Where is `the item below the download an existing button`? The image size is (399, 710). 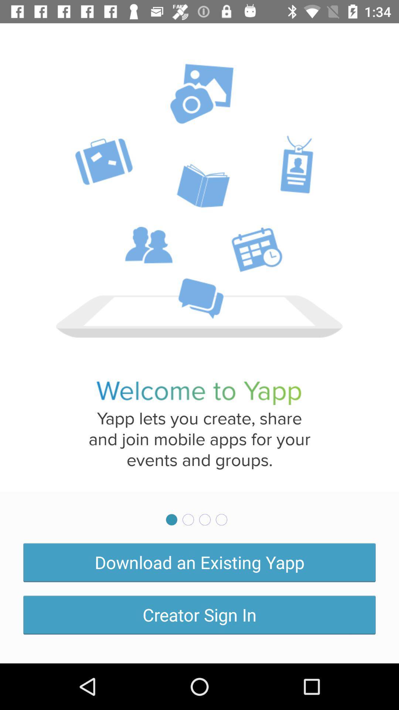 the item below the download an existing button is located at coordinates (199, 615).